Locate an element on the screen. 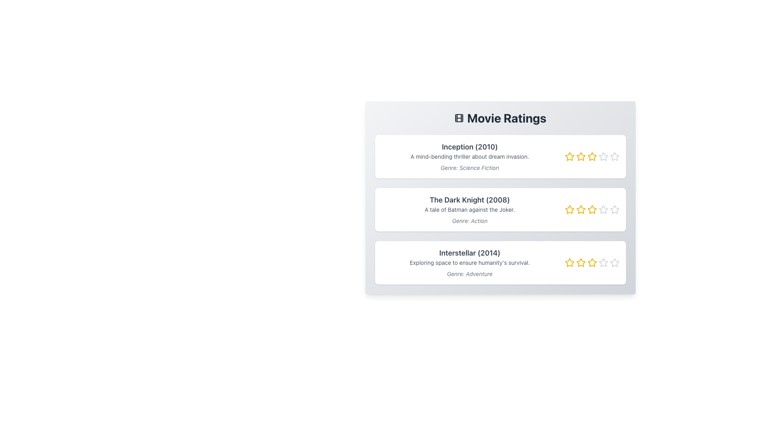 The image size is (772, 434). text content of the title label displaying 'The Dark Knight (2008)' located at the top of the movie ratings section in the second card is located at coordinates (470, 199).